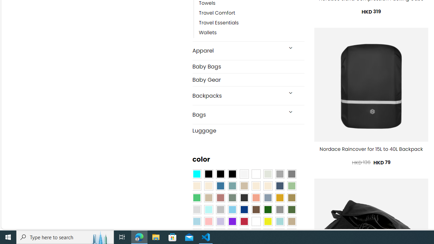 The height and width of the screenshot is (244, 434). I want to click on 'Backpacks', so click(237, 96).